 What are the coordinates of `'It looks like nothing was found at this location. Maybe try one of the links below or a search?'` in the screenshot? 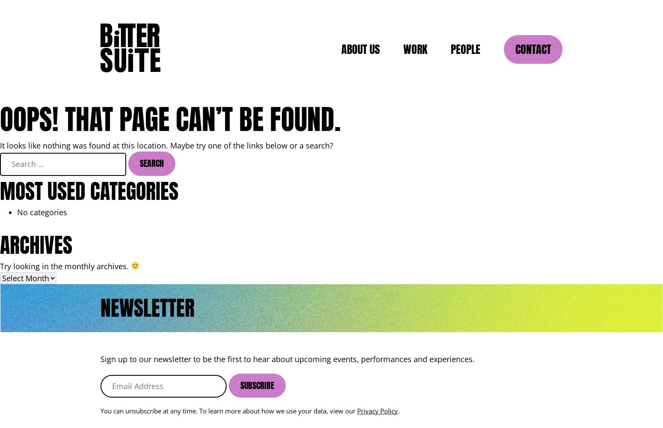 It's located at (166, 145).